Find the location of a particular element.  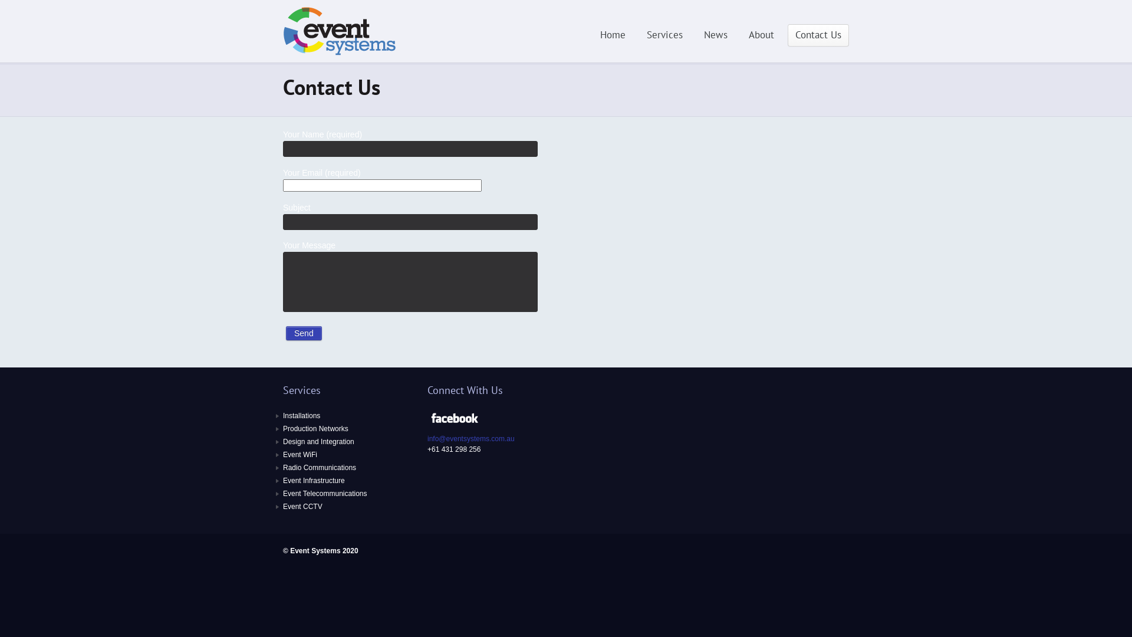

'Installations' is located at coordinates (301, 415).